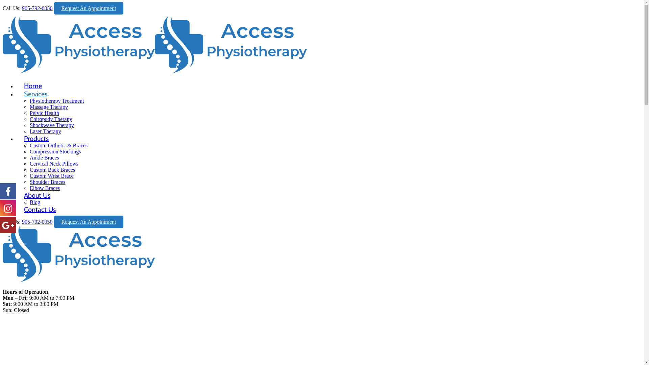  What do you see at coordinates (48, 106) in the screenshot?
I see `'Massage Therapy'` at bounding box center [48, 106].